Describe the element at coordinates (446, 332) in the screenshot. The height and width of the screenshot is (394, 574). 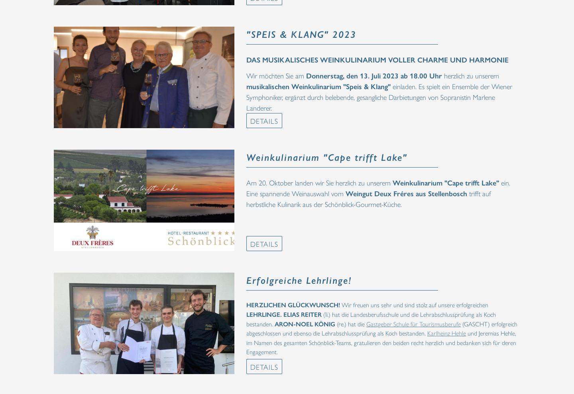
I see `'Karlheinz Hehle'` at that location.